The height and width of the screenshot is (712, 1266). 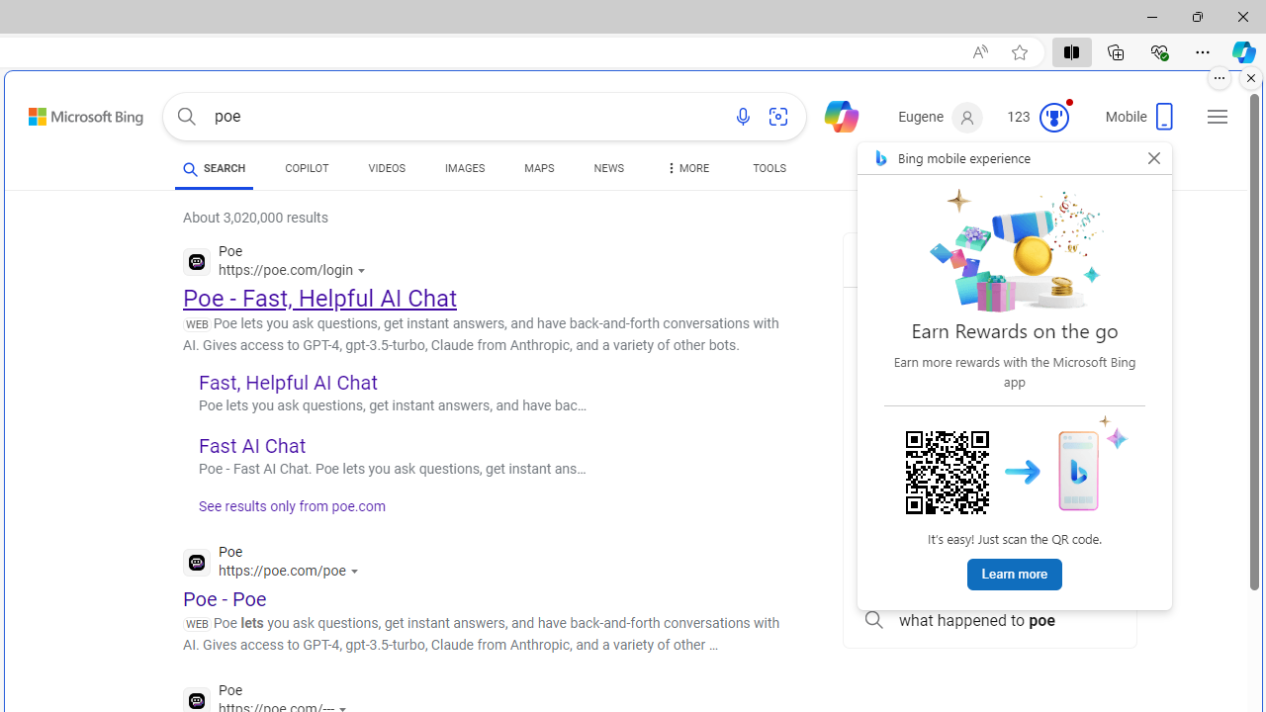 I want to click on 'SEARCH', so click(x=214, y=168).